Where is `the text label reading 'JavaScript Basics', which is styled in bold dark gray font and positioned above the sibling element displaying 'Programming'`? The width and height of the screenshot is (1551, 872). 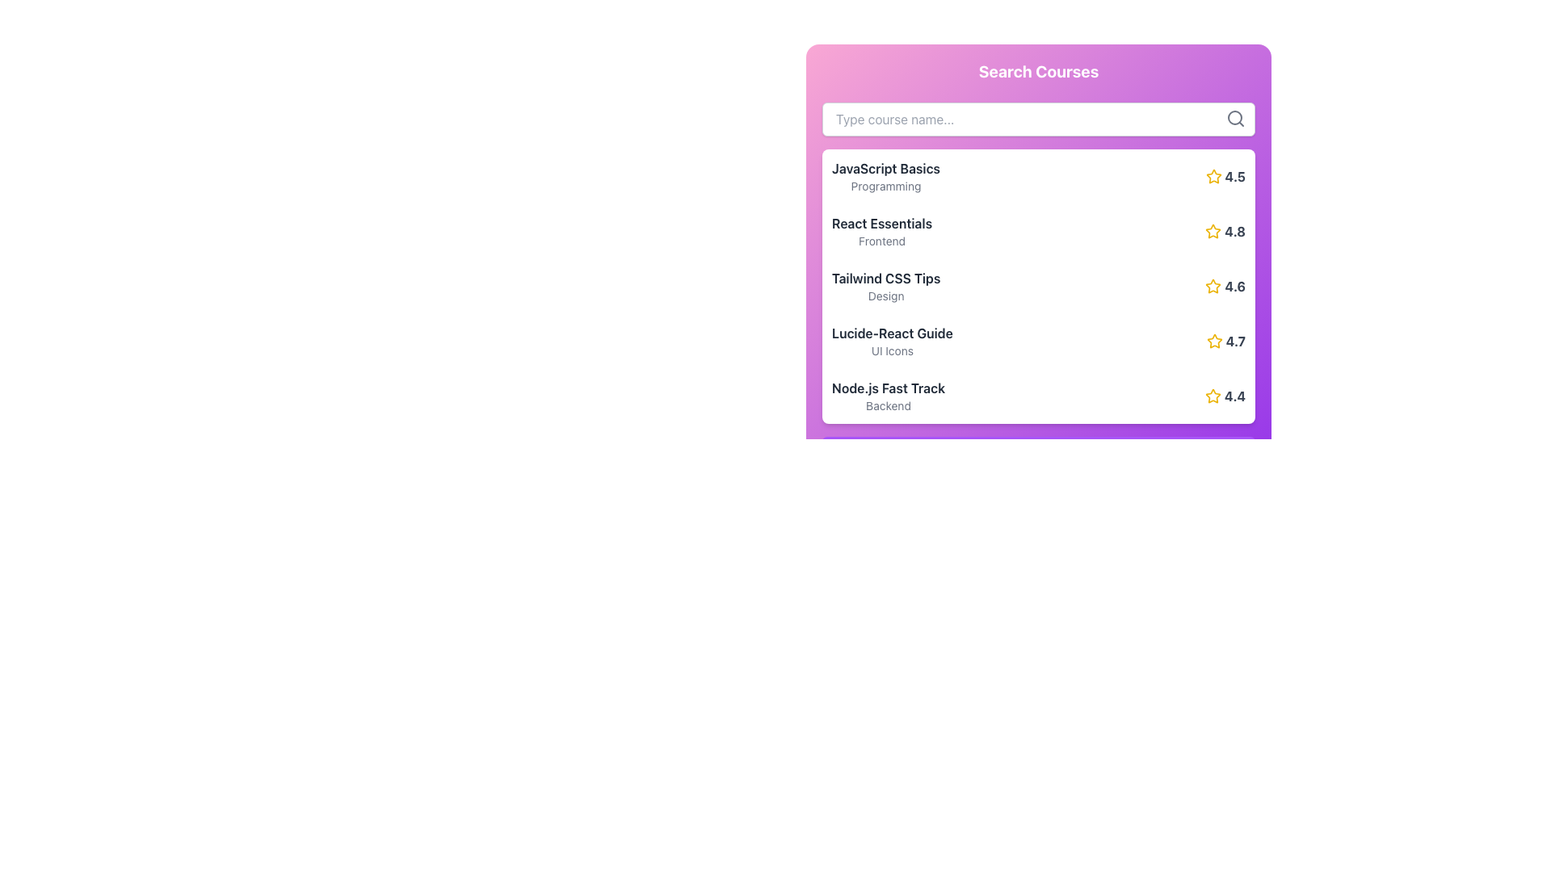
the text label reading 'JavaScript Basics', which is styled in bold dark gray font and positioned above the sibling element displaying 'Programming' is located at coordinates (885, 168).